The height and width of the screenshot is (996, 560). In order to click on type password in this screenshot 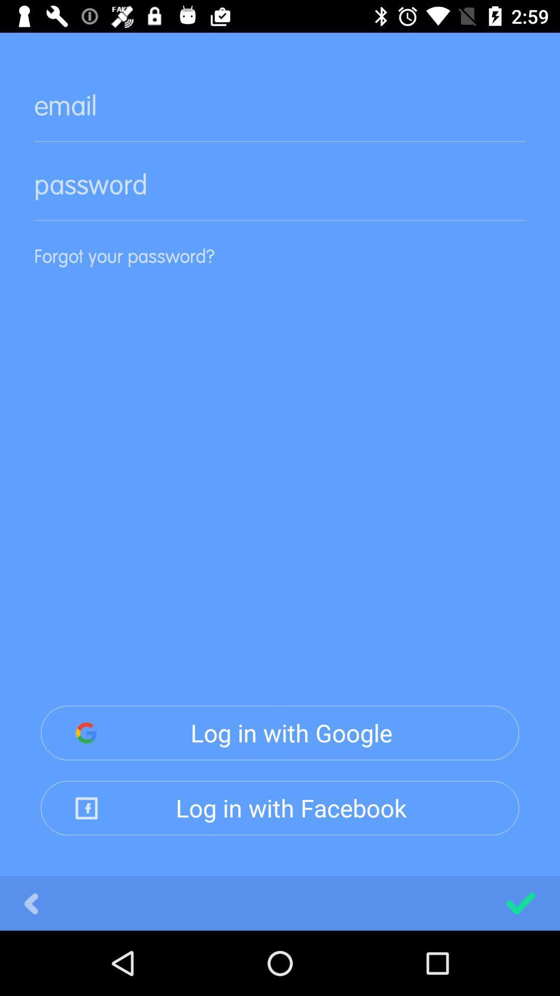, I will do `click(280, 193)`.